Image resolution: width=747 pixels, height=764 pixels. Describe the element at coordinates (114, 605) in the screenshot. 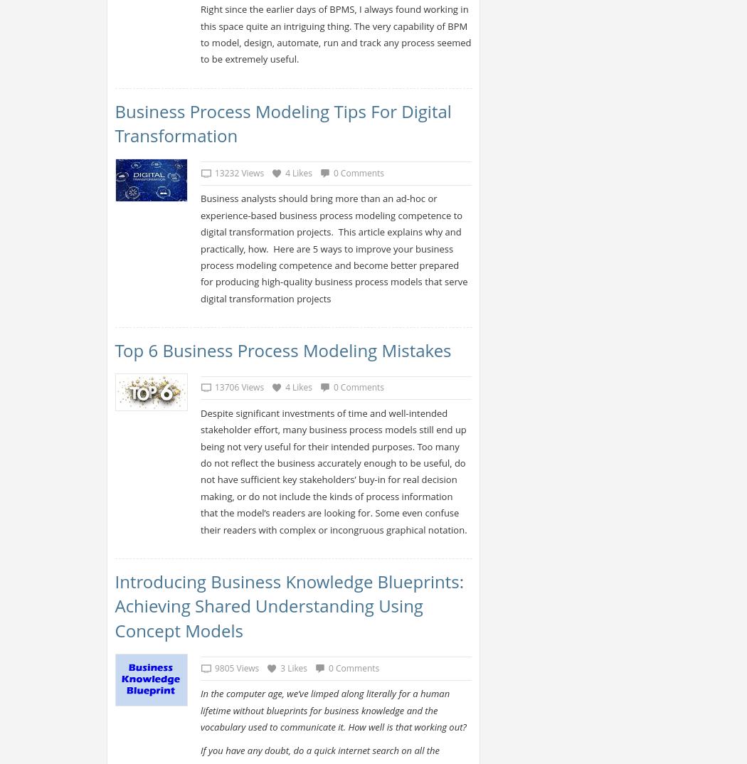

I see `'Introducing Business Knowledge Blueprints: Achieving Shared Understanding Using Concept Models'` at that location.